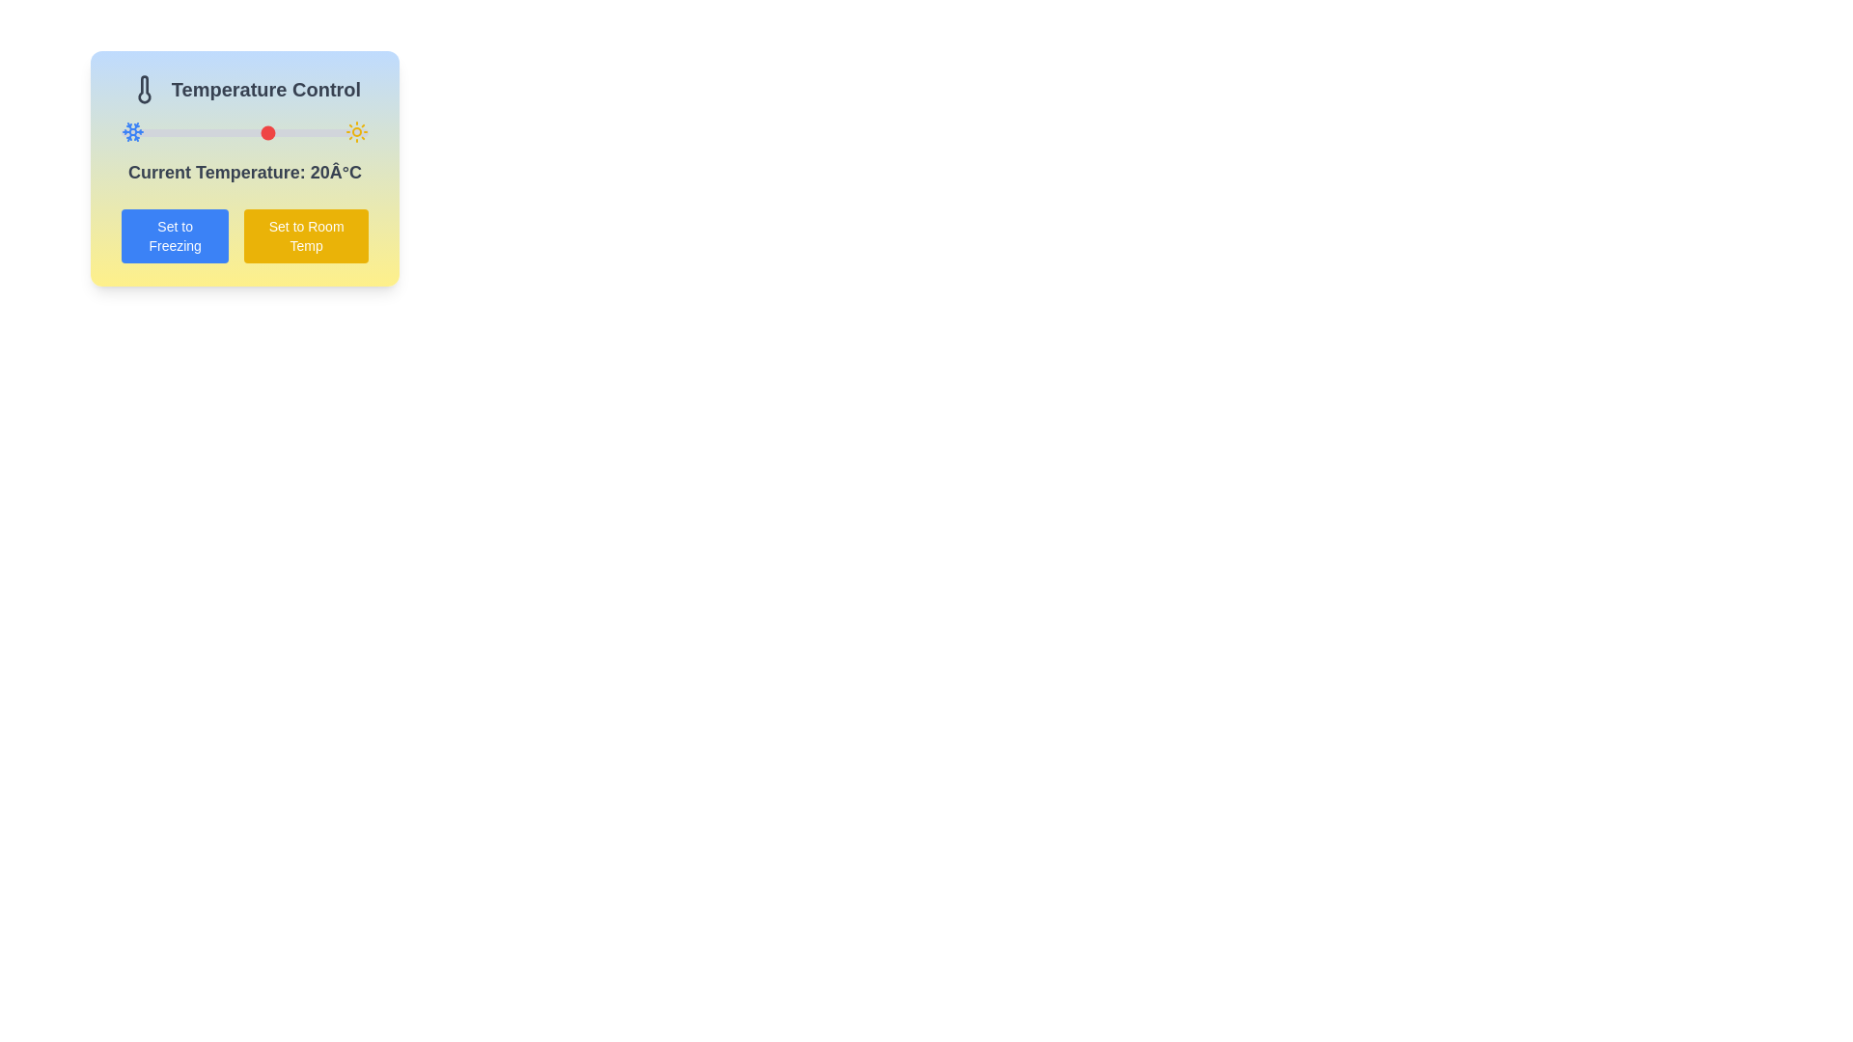  I want to click on the temperature, so click(314, 132).